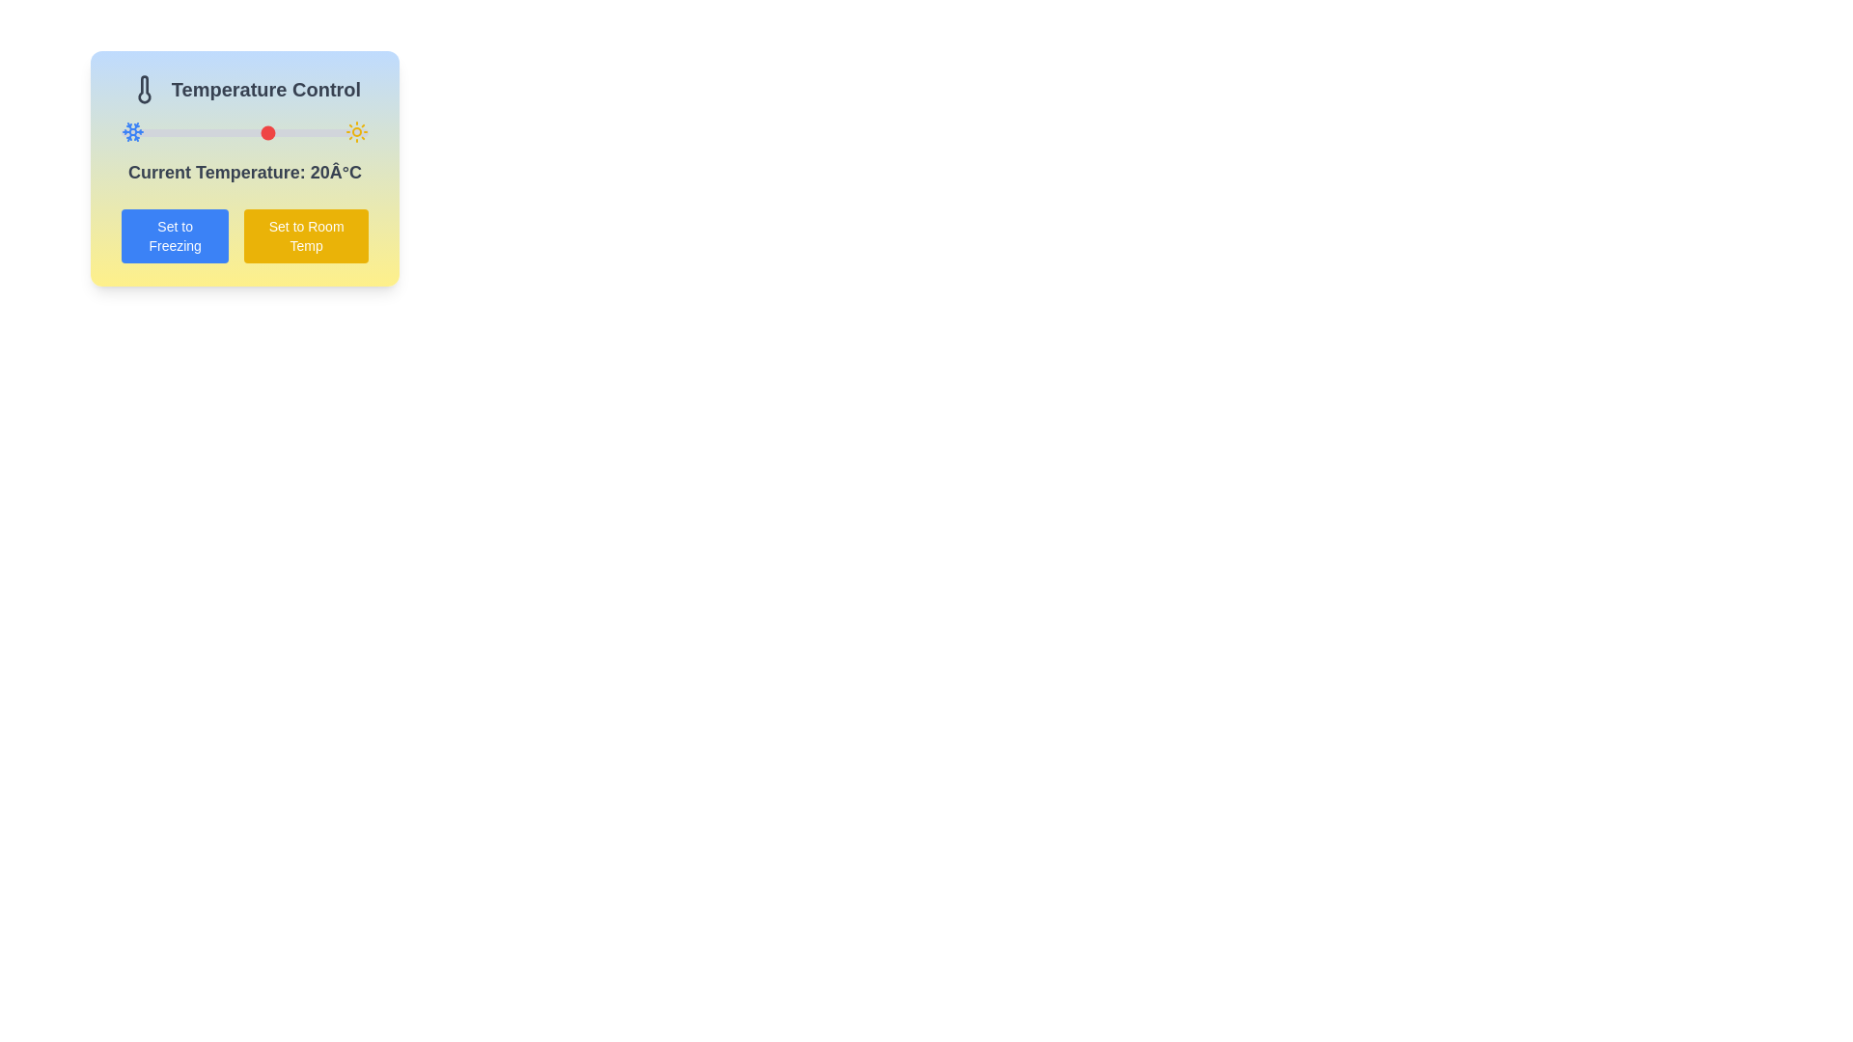  I want to click on the temperature, so click(314, 132).